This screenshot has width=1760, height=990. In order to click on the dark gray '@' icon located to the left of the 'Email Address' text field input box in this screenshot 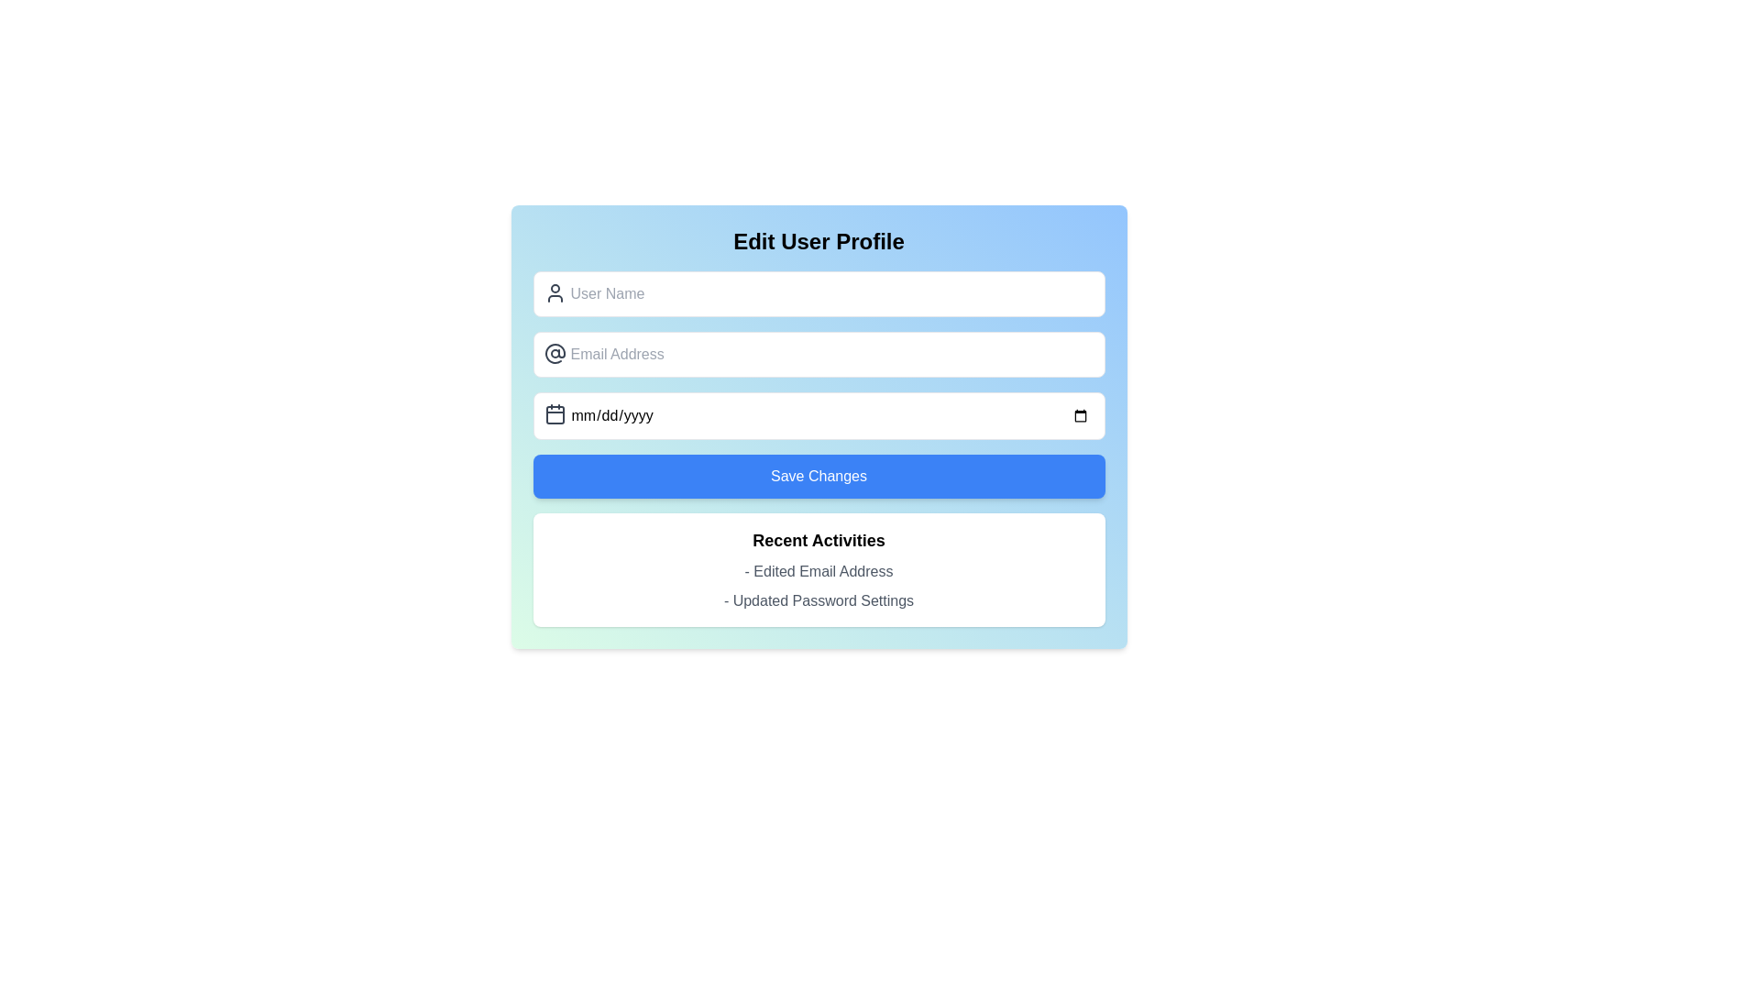, I will do `click(554, 353)`.